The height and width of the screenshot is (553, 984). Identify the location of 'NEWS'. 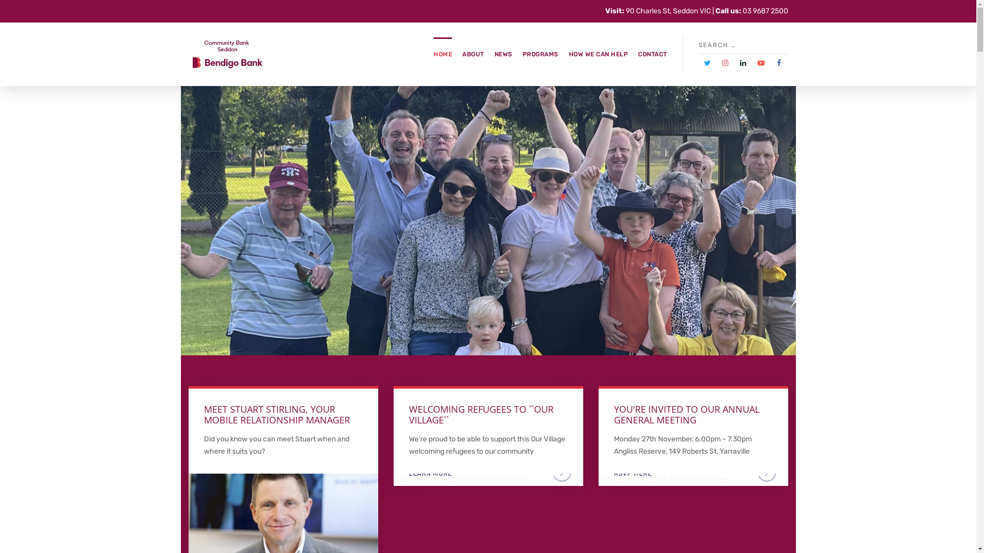
(494, 54).